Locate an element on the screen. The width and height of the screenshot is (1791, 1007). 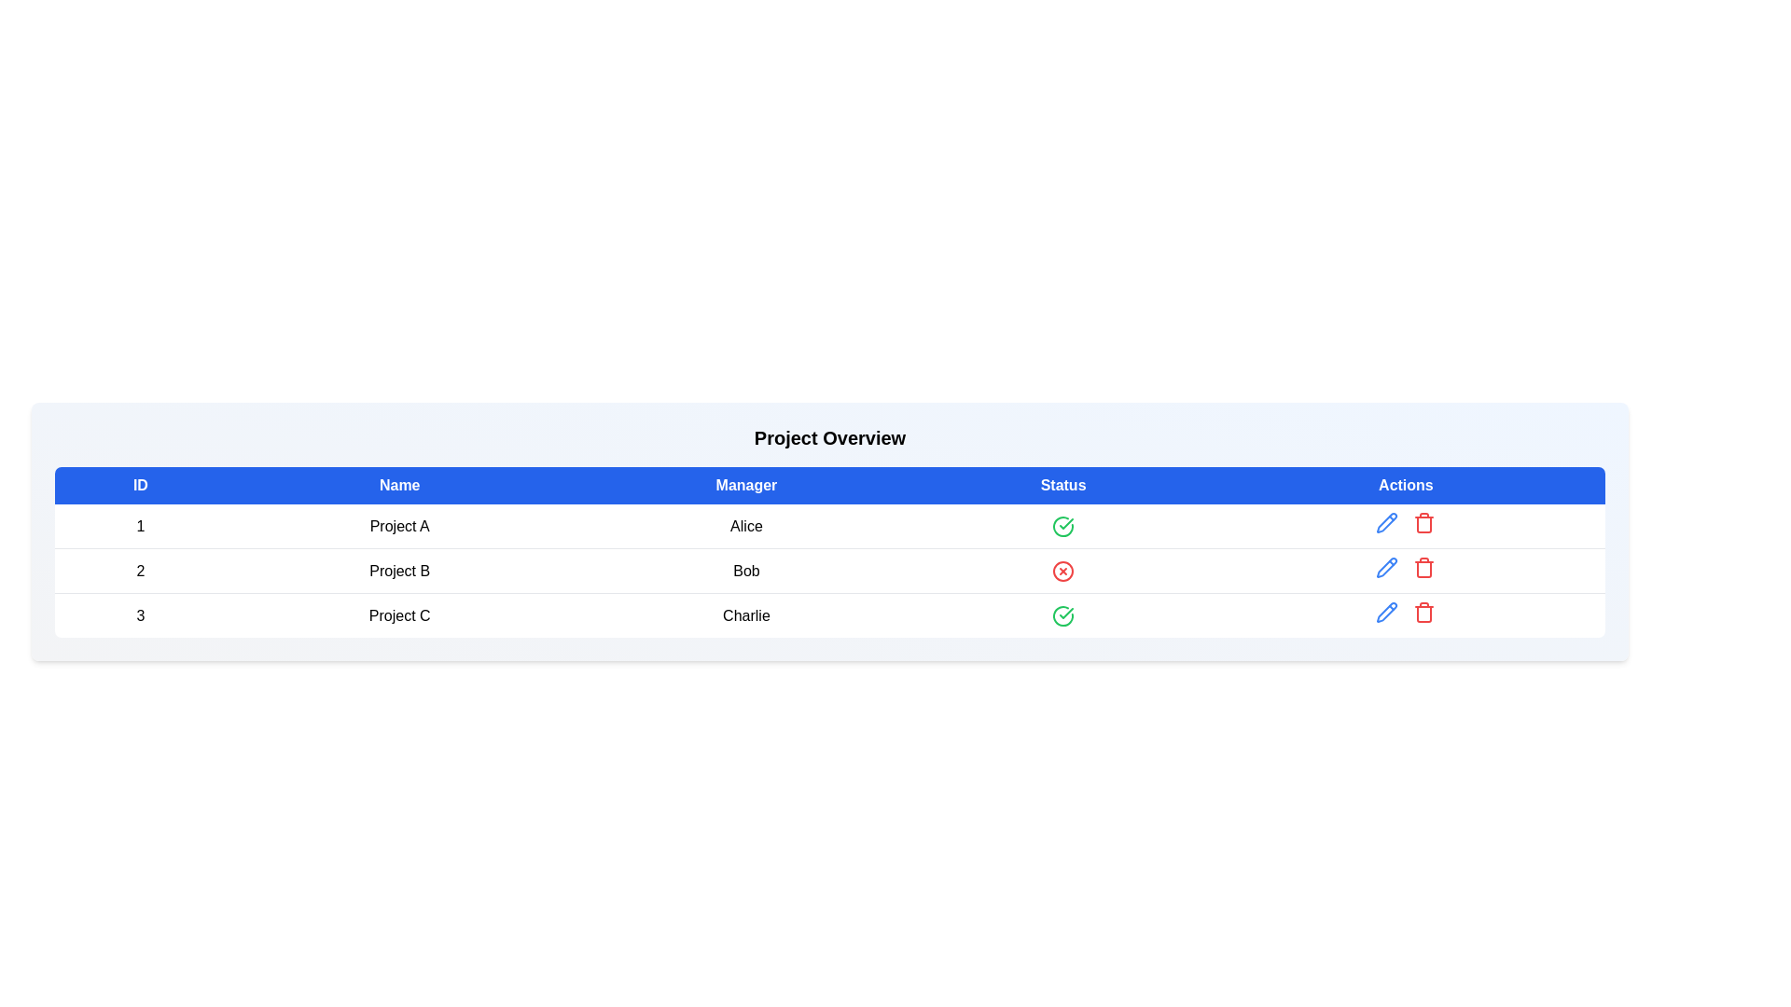
the 'Project A' text label located in the second column of the first row of the table under the 'Name' header is located at coordinates (398, 526).